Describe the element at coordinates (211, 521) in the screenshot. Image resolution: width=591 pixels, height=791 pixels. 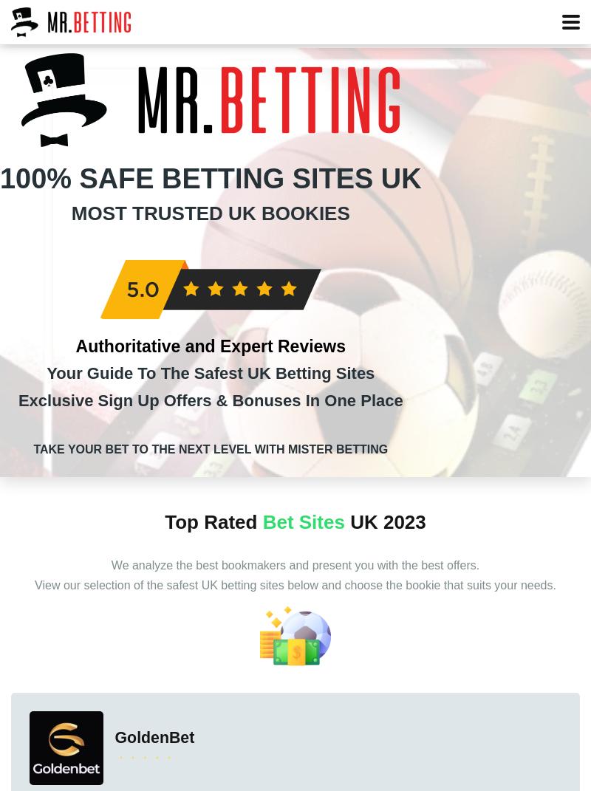
I see `'Top Rated'` at that location.